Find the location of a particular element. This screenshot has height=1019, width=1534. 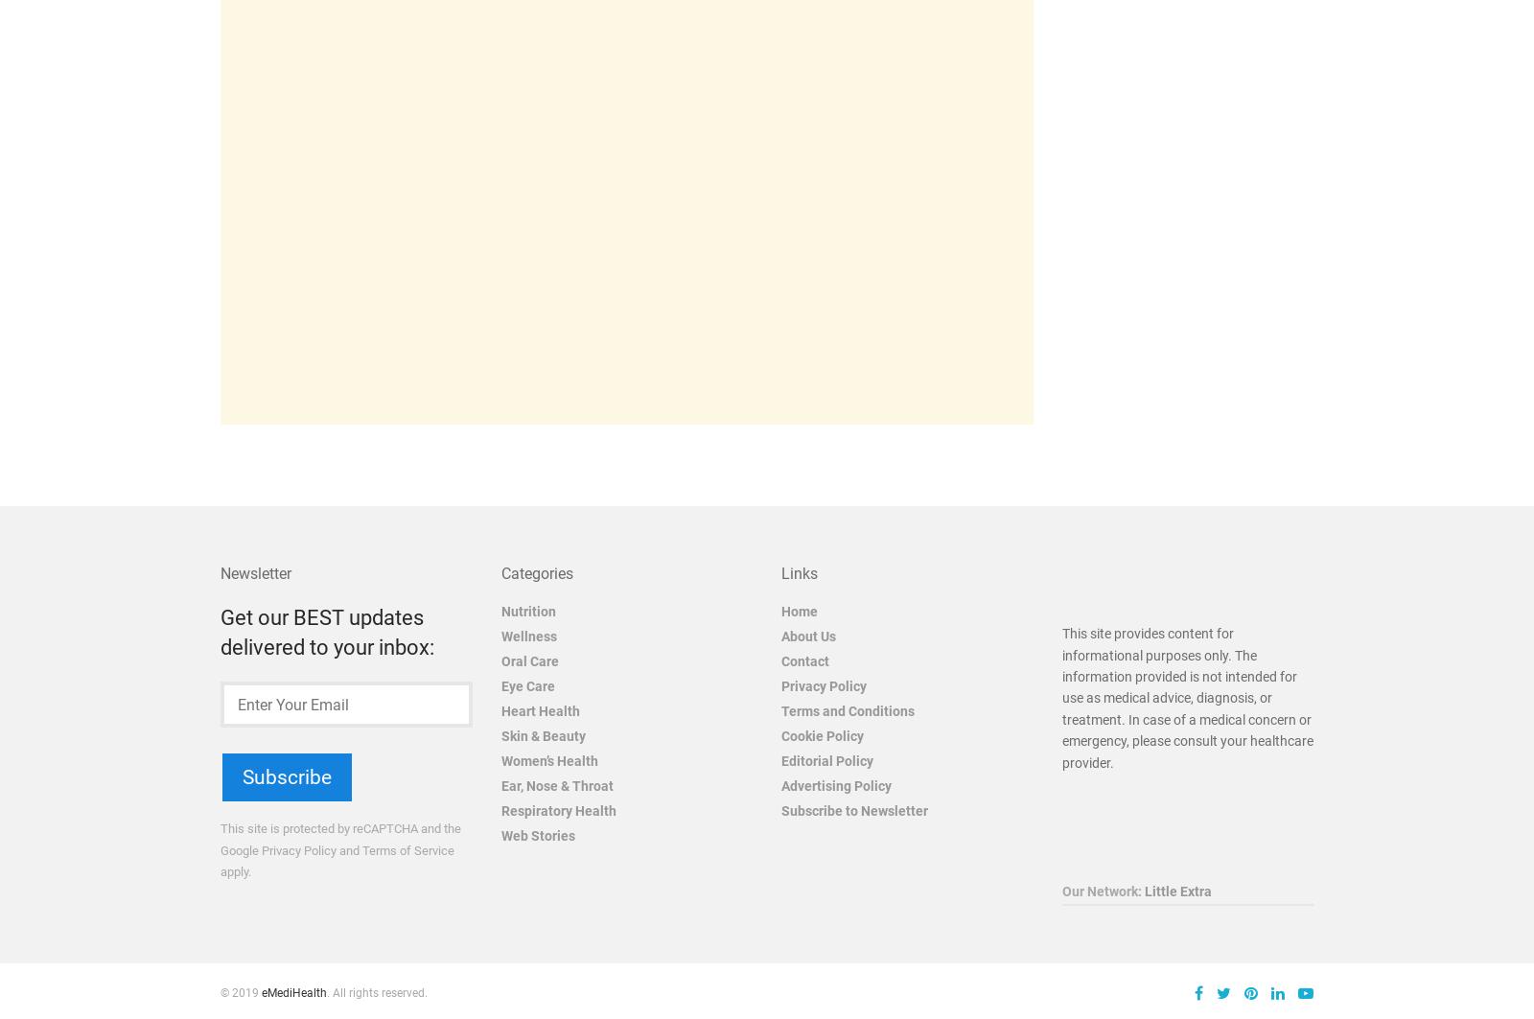

'© 2019' is located at coordinates (220, 991).